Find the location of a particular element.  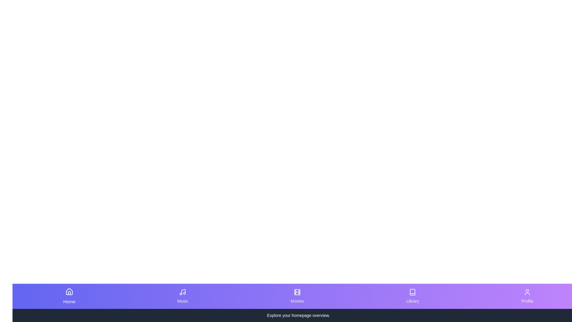

the Profile button to observe the transition effect is located at coordinates (527, 296).